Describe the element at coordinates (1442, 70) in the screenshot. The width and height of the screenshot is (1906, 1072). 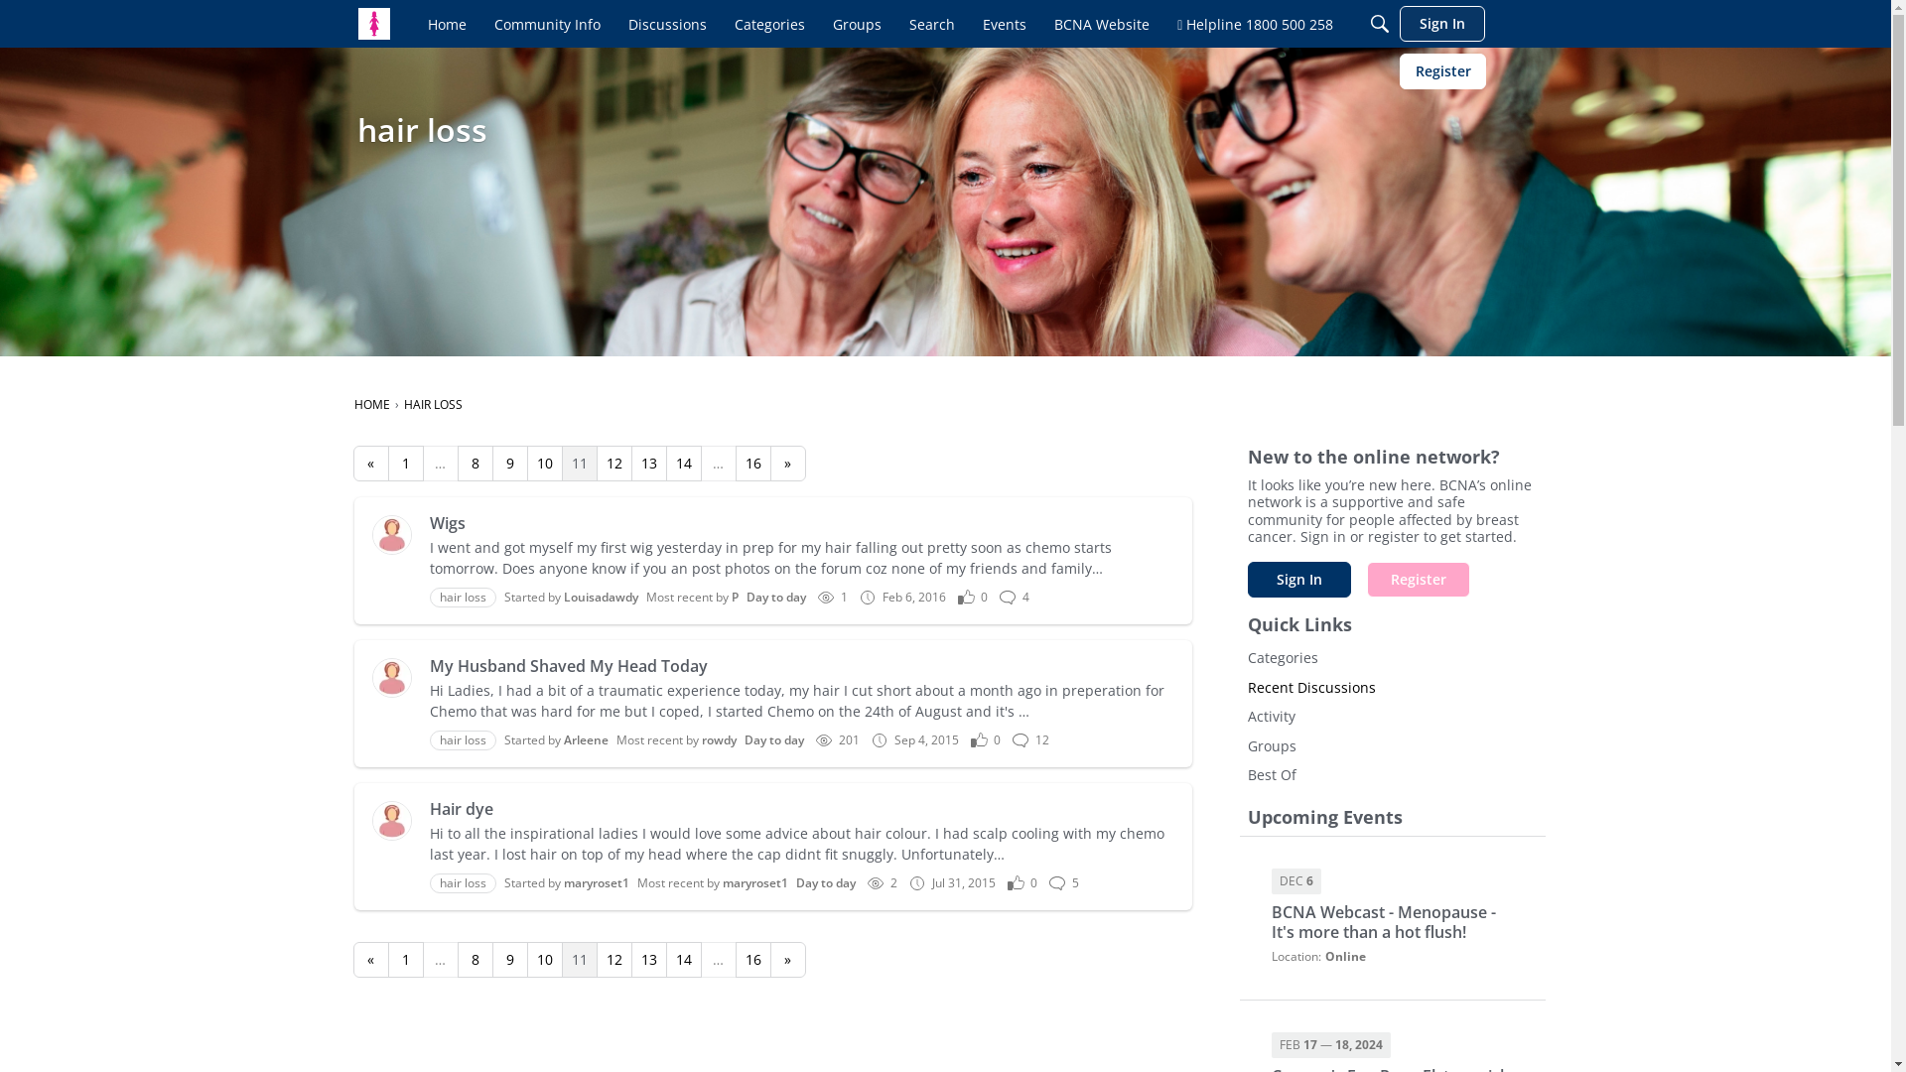
I see `'Register'` at that location.